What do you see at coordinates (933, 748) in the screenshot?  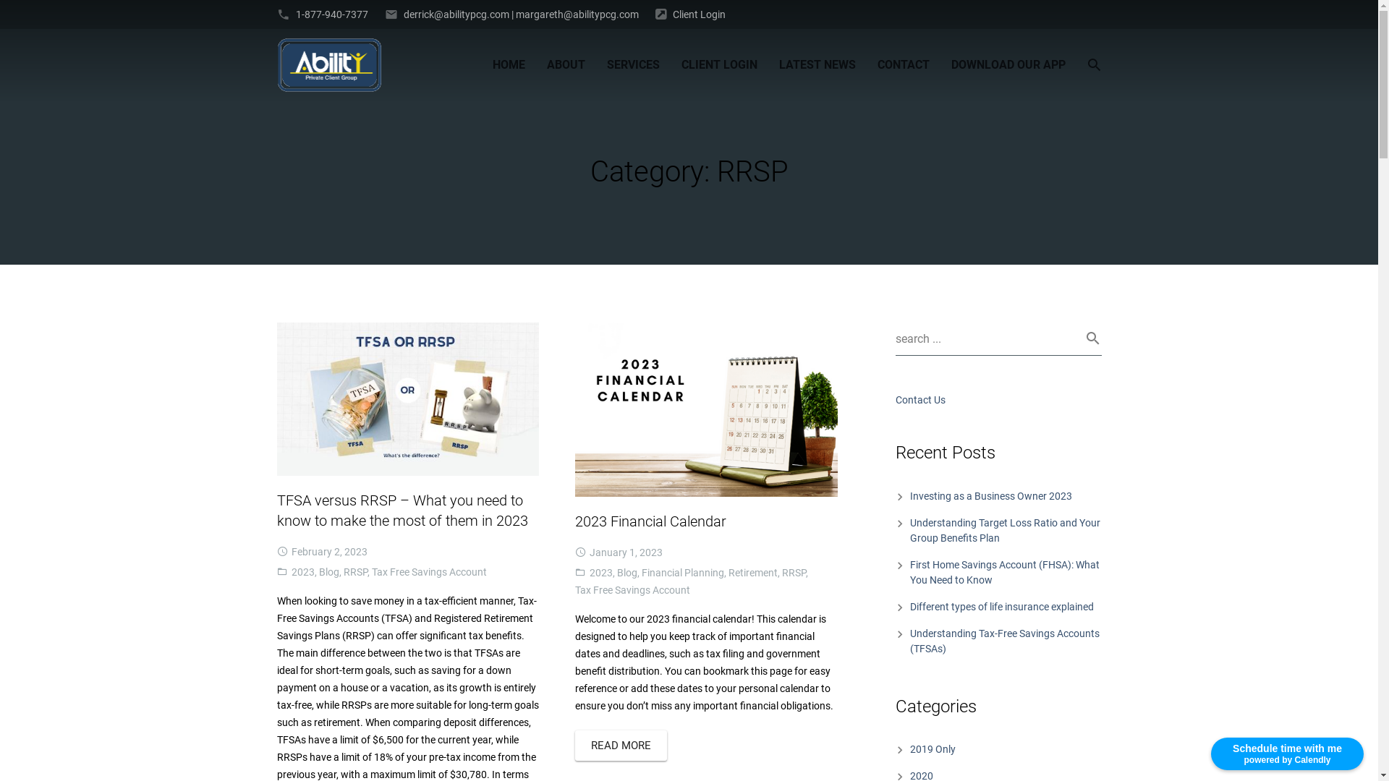 I see `'2019 Only'` at bounding box center [933, 748].